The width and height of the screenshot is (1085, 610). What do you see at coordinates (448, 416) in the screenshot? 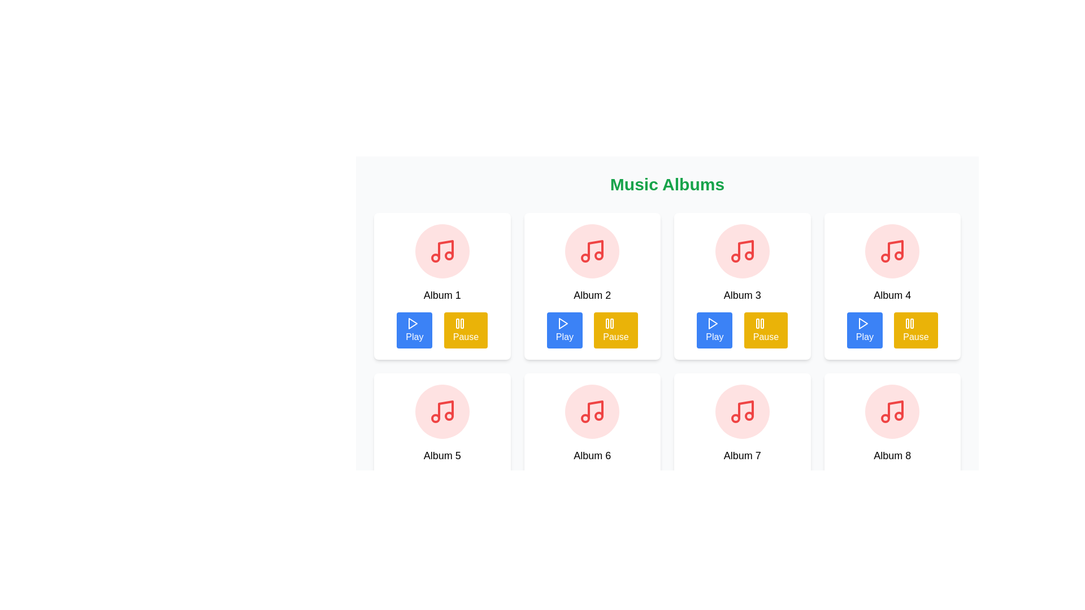
I see `the second circular component of the music note icon located in the fifth card of the 'Music Albums' grid layout` at bounding box center [448, 416].